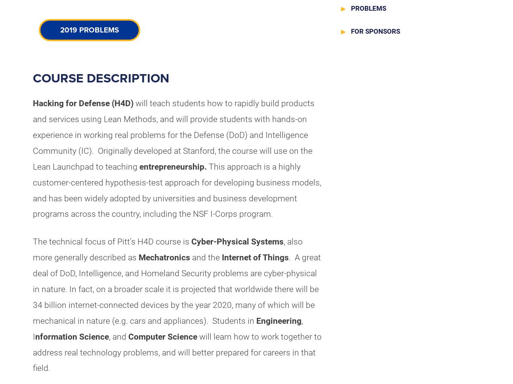 The height and width of the screenshot is (384, 513). Describe the element at coordinates (176, 352) in the screenshot. I see `'will learn how to work together to address real technology problems, and will better prepared for careers in that field.'` at that location.